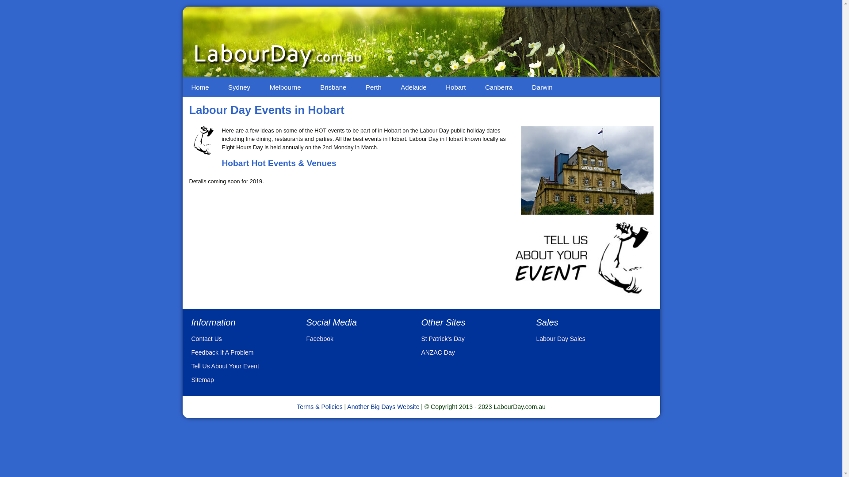 This screenshot has height=477, width=849. Describe the element at coordinates (542, 87) in the screenshot. I see `'Darwin'` at that location.